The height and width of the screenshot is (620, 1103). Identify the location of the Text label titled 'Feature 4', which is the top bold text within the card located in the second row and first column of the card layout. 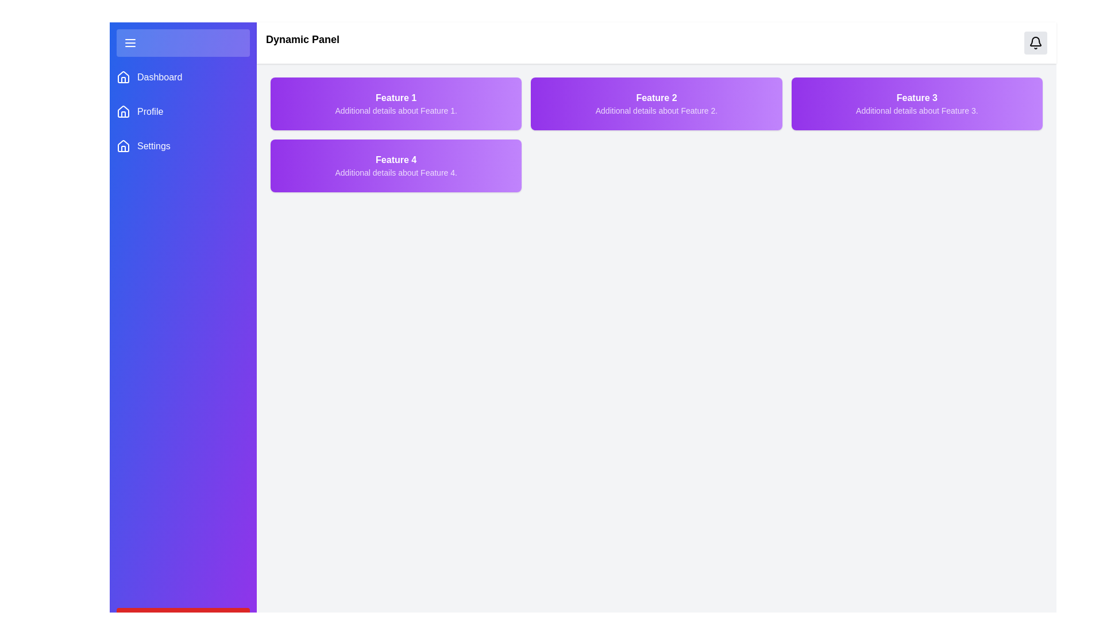
(396, 160).